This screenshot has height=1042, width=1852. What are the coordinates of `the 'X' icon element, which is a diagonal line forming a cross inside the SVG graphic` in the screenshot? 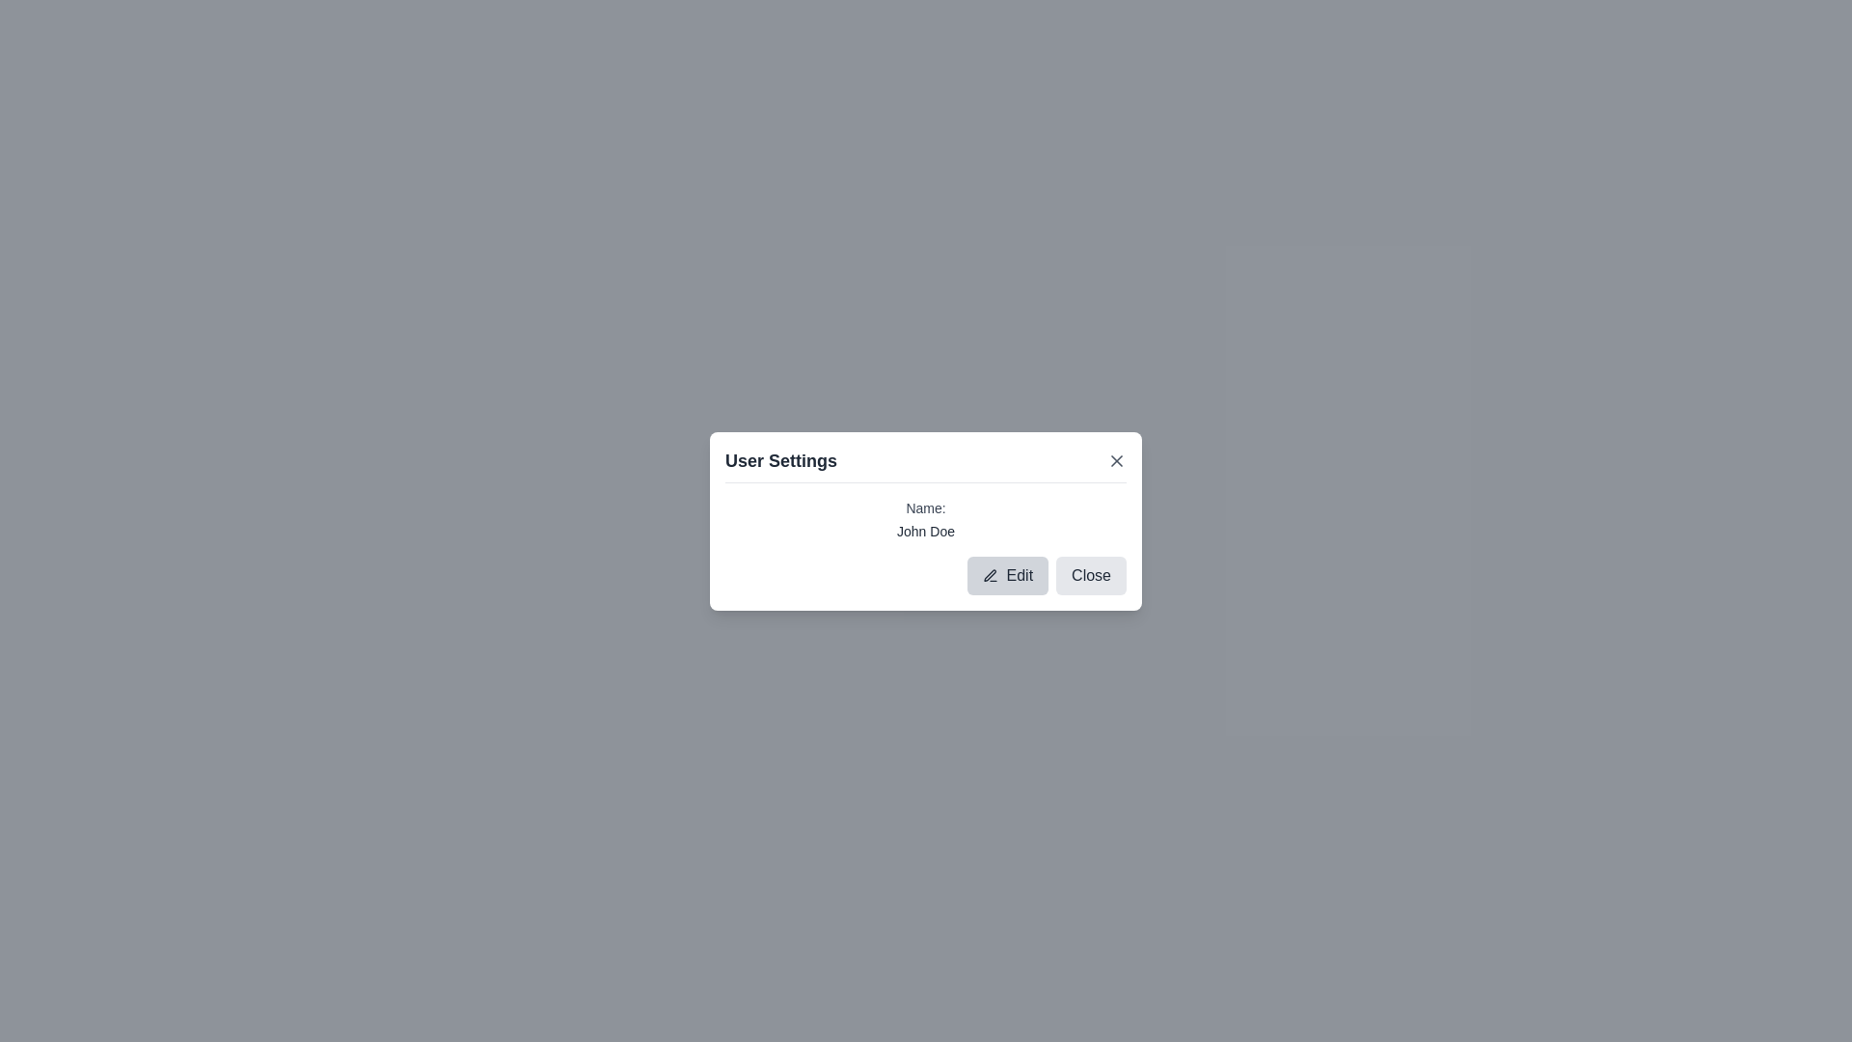 It's located at (1116, 460).